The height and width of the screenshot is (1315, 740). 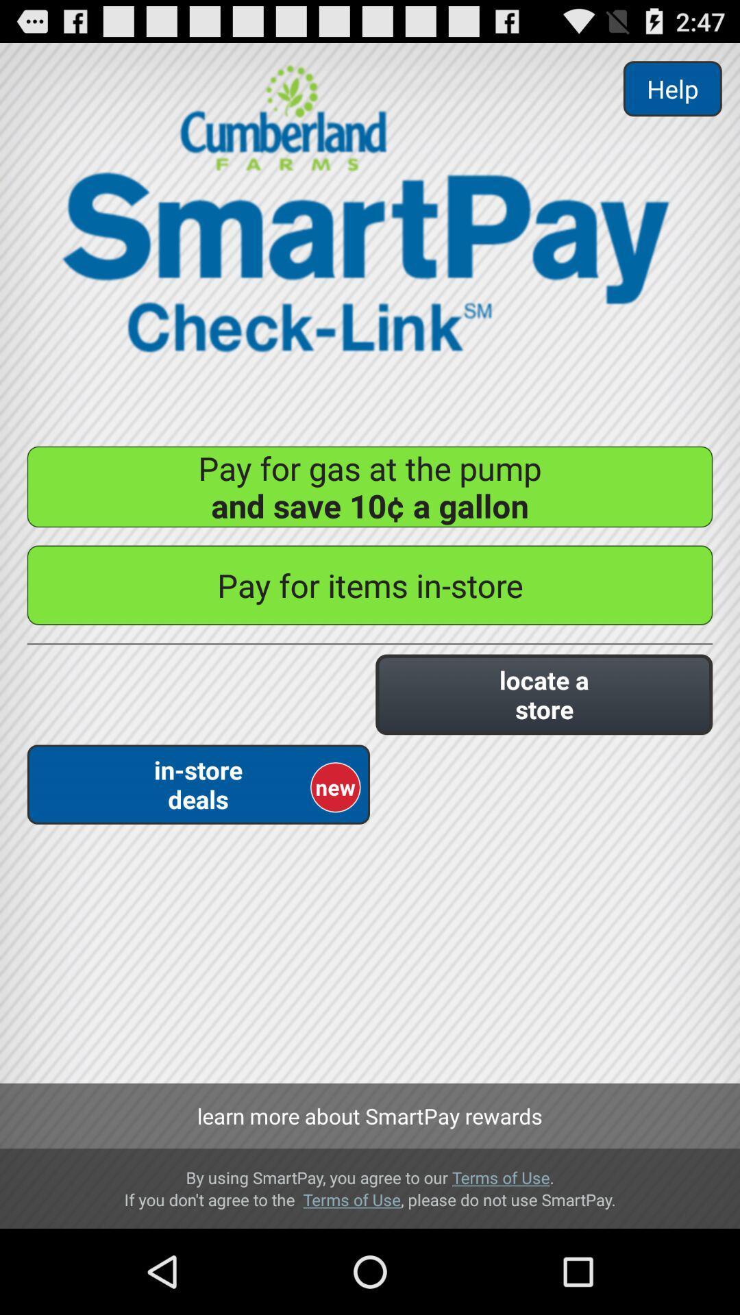 I want to click on icon next to the in-store, so click(x=543, y=694).